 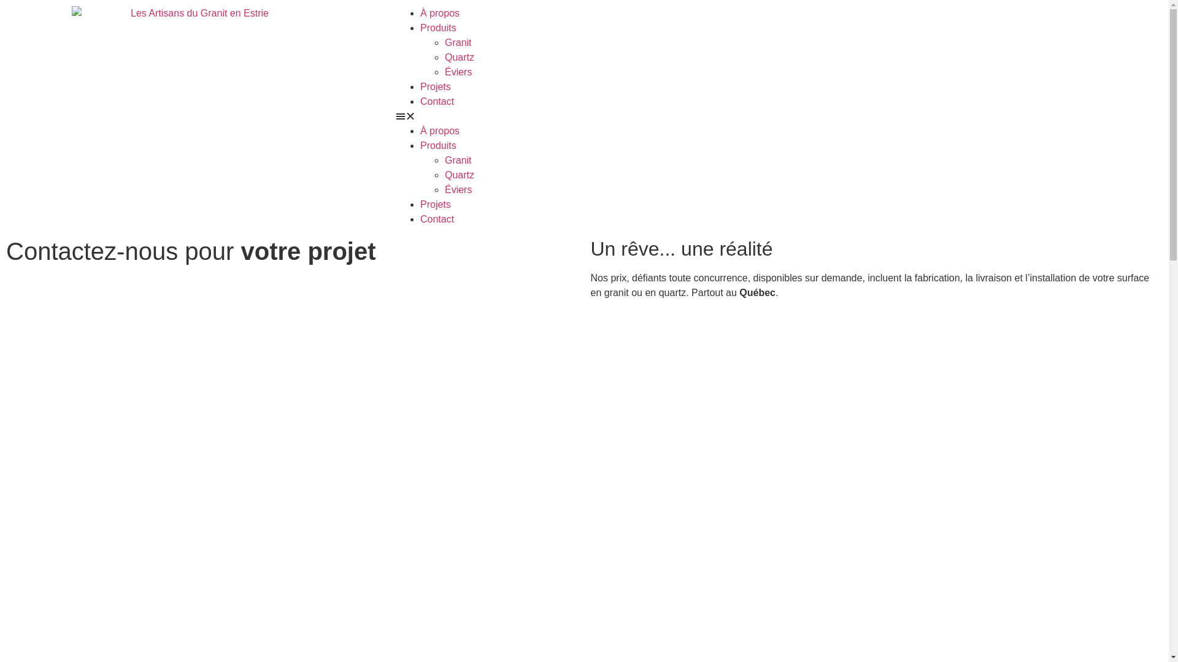 I want to click on 'Quartz', so click(x=458, y=175).